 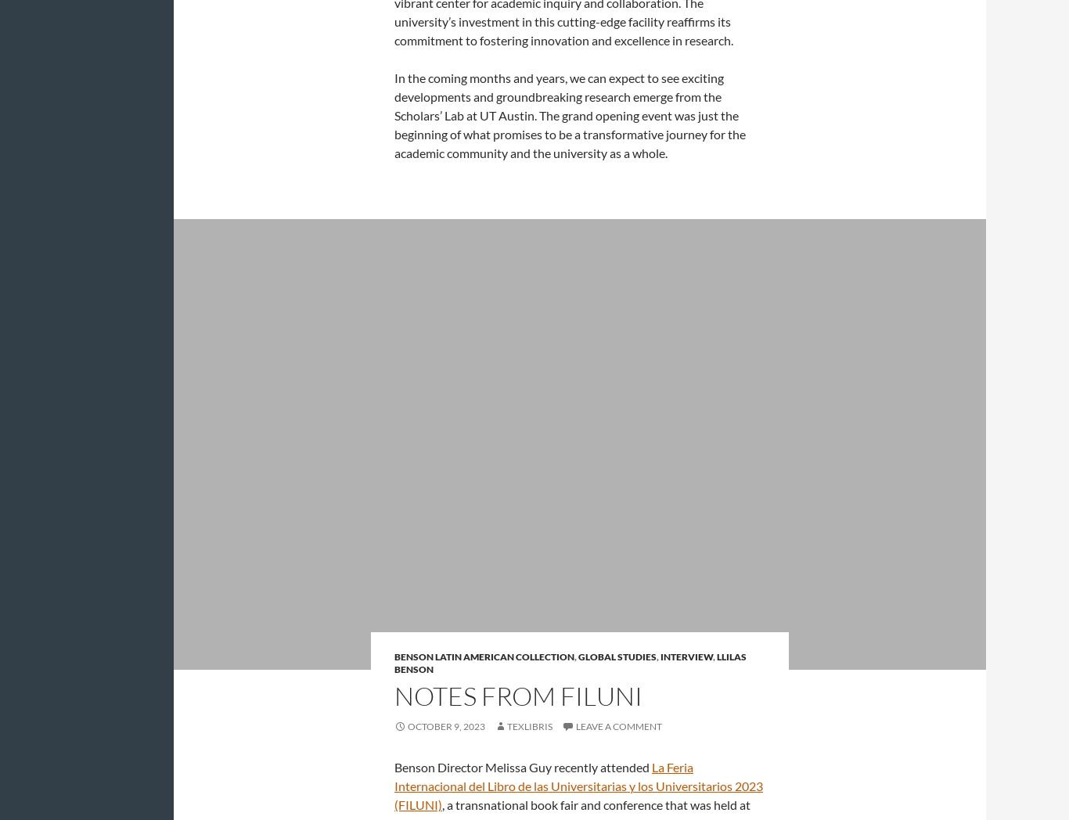 What do you see at coordinates (517, 695) in the screenshot?
I see `'Notes from FILUNI'` at bounding box center [517, 695].